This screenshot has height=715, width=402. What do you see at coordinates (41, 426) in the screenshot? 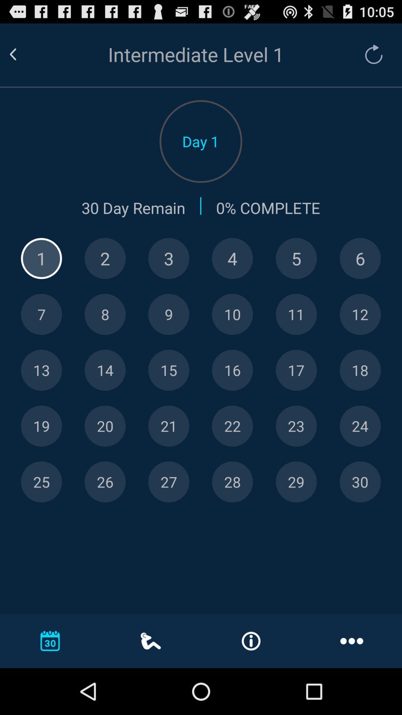
I see `day 19` at bounding box center [41, 426].